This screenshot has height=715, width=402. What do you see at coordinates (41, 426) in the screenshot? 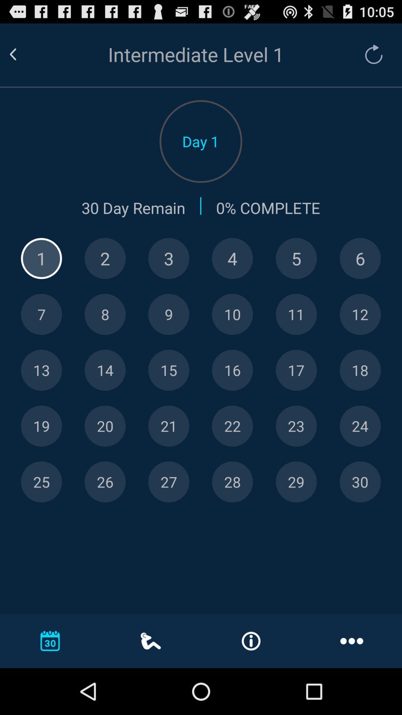
I see `day 19` at bounding box center [41, 426].